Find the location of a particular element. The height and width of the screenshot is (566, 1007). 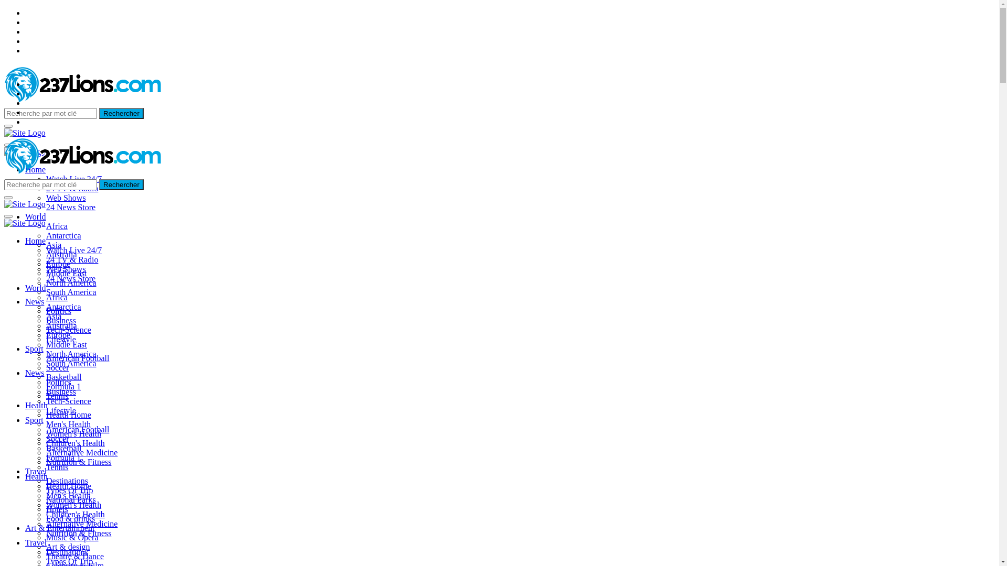

'Theatre & Dance' is located at coordinates (74, 556).